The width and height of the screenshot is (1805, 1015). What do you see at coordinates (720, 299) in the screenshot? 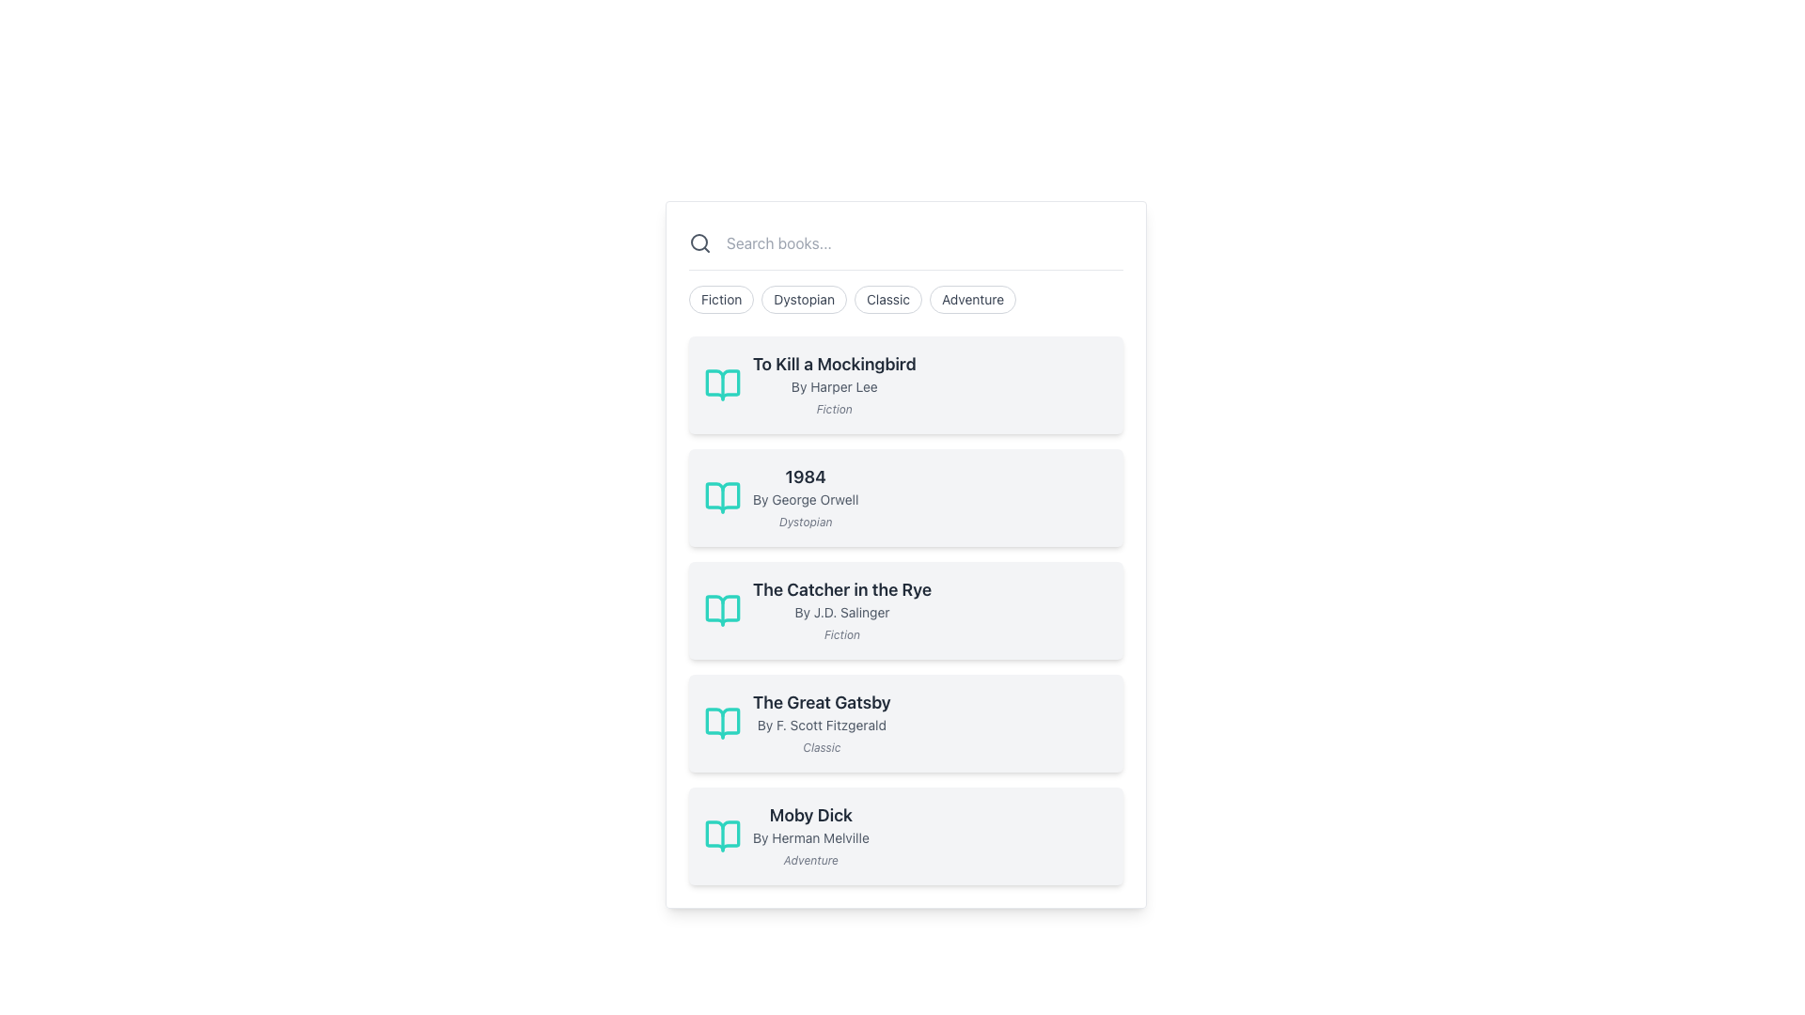
I see `the 'Fiction' button, which is a rounded rectangular button with dark gray text on a white background, located at the top-middle of the interface` at bounding box center [720, 299].